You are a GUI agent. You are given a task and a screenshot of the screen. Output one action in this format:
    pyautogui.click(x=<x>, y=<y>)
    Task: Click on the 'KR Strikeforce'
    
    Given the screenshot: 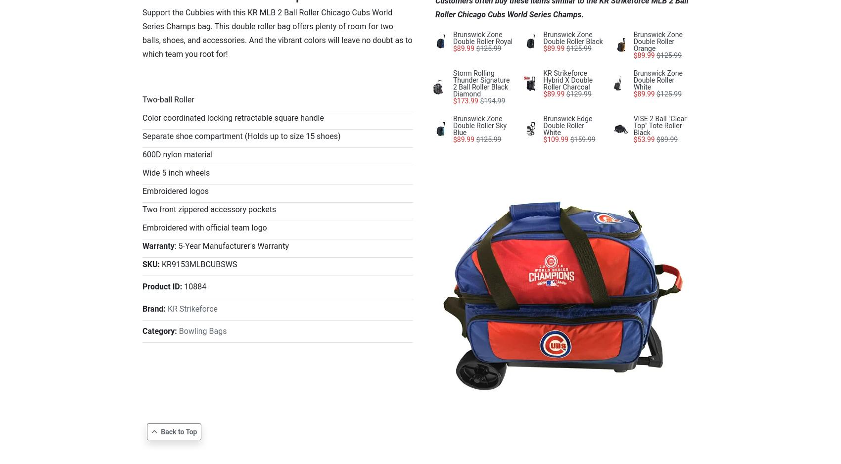 What is the action you would take?
    pyautogui.click(x=191, y=309)
    